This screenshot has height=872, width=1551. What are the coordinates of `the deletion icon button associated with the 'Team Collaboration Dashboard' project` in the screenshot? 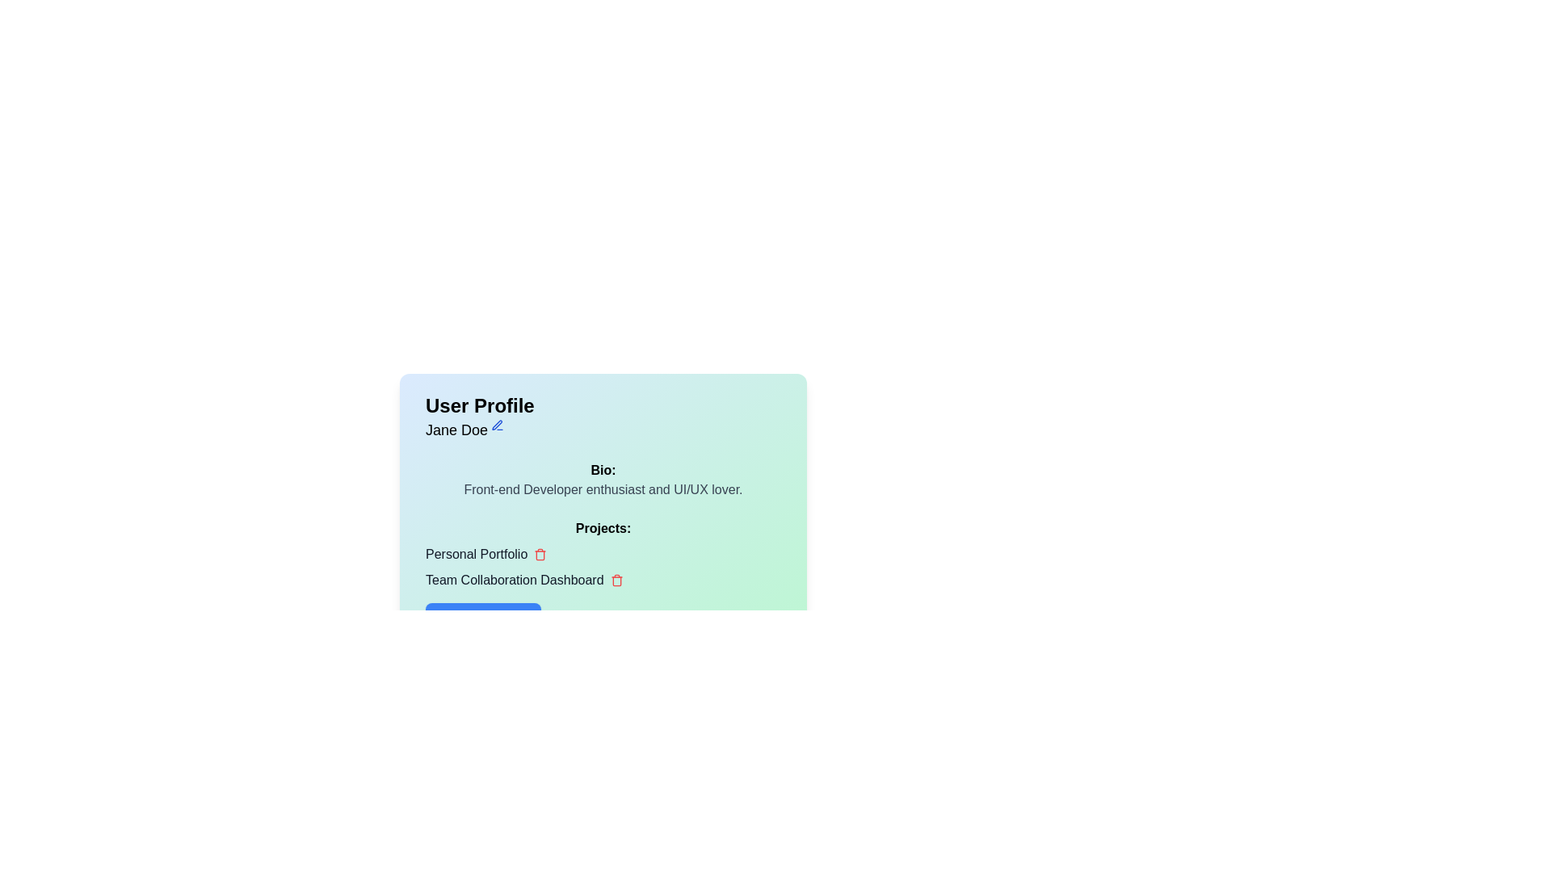 It's located at (616, 579).